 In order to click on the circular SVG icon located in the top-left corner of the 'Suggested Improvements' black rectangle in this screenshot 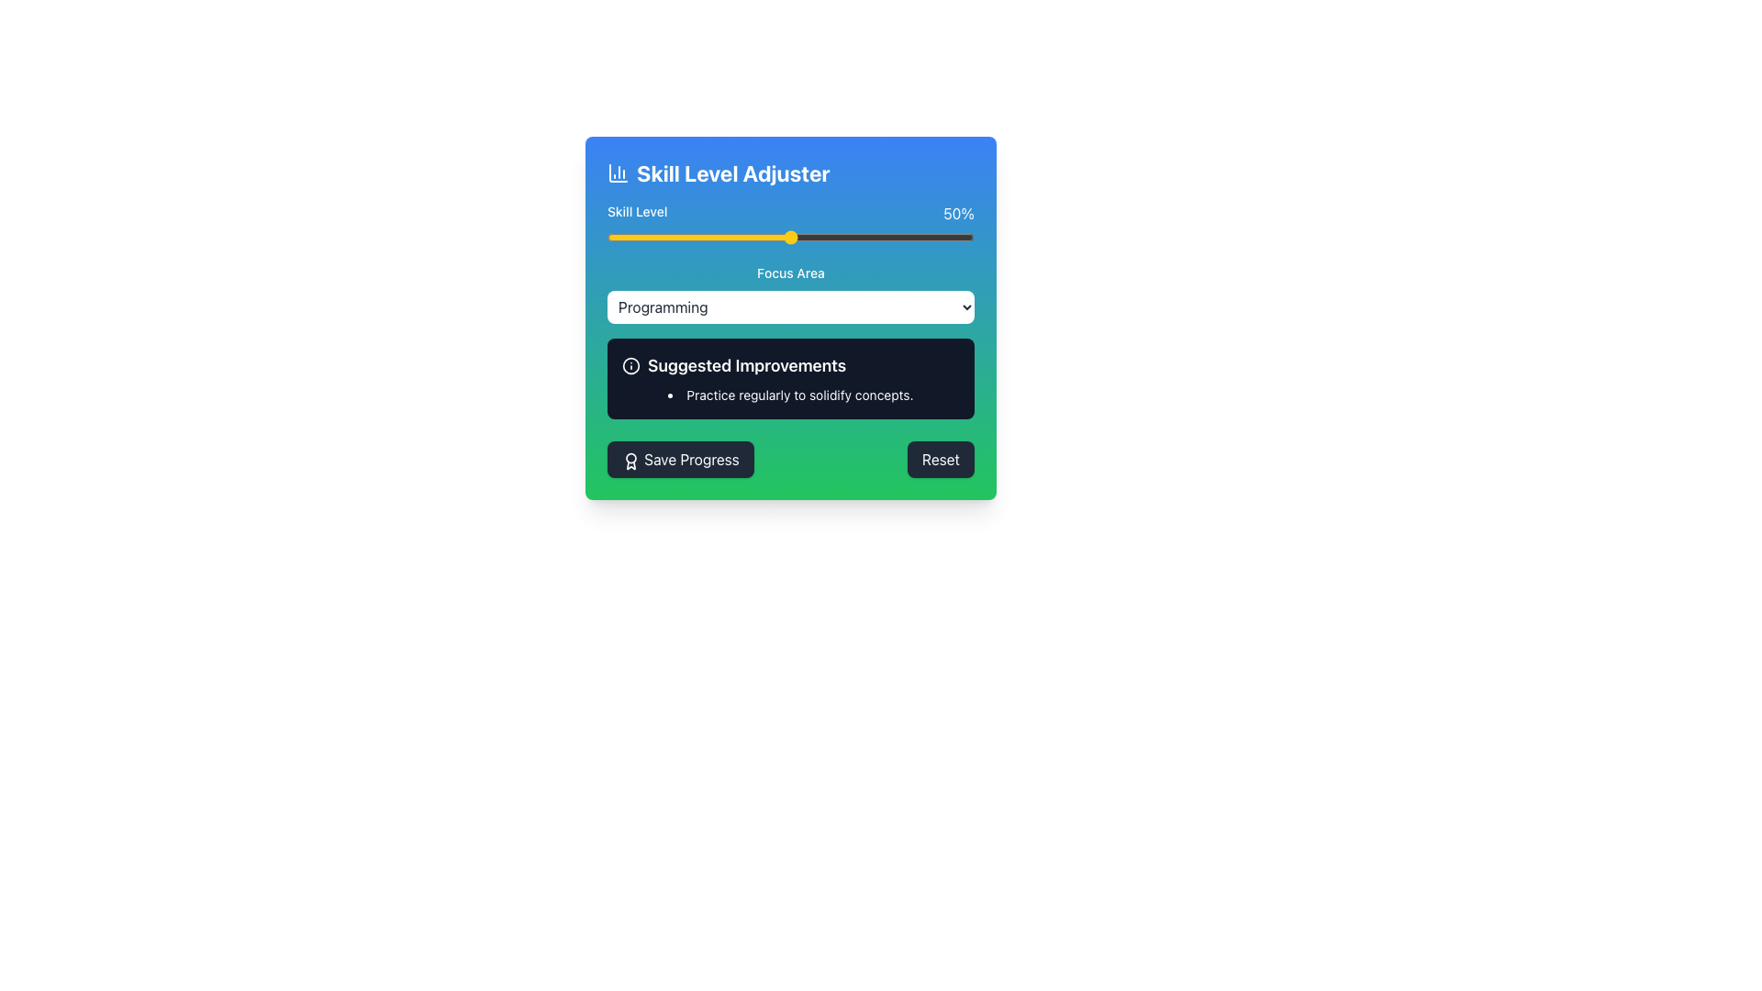, I will do `click(630, 365)`.